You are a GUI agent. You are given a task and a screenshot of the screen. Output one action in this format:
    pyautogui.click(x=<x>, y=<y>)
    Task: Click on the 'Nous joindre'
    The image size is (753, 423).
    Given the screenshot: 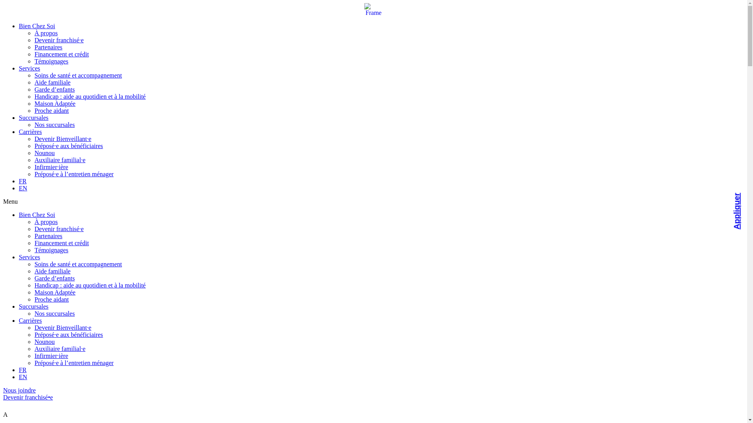 What is the action you would take?
    pyautogui.click(x=19, y=390)
    